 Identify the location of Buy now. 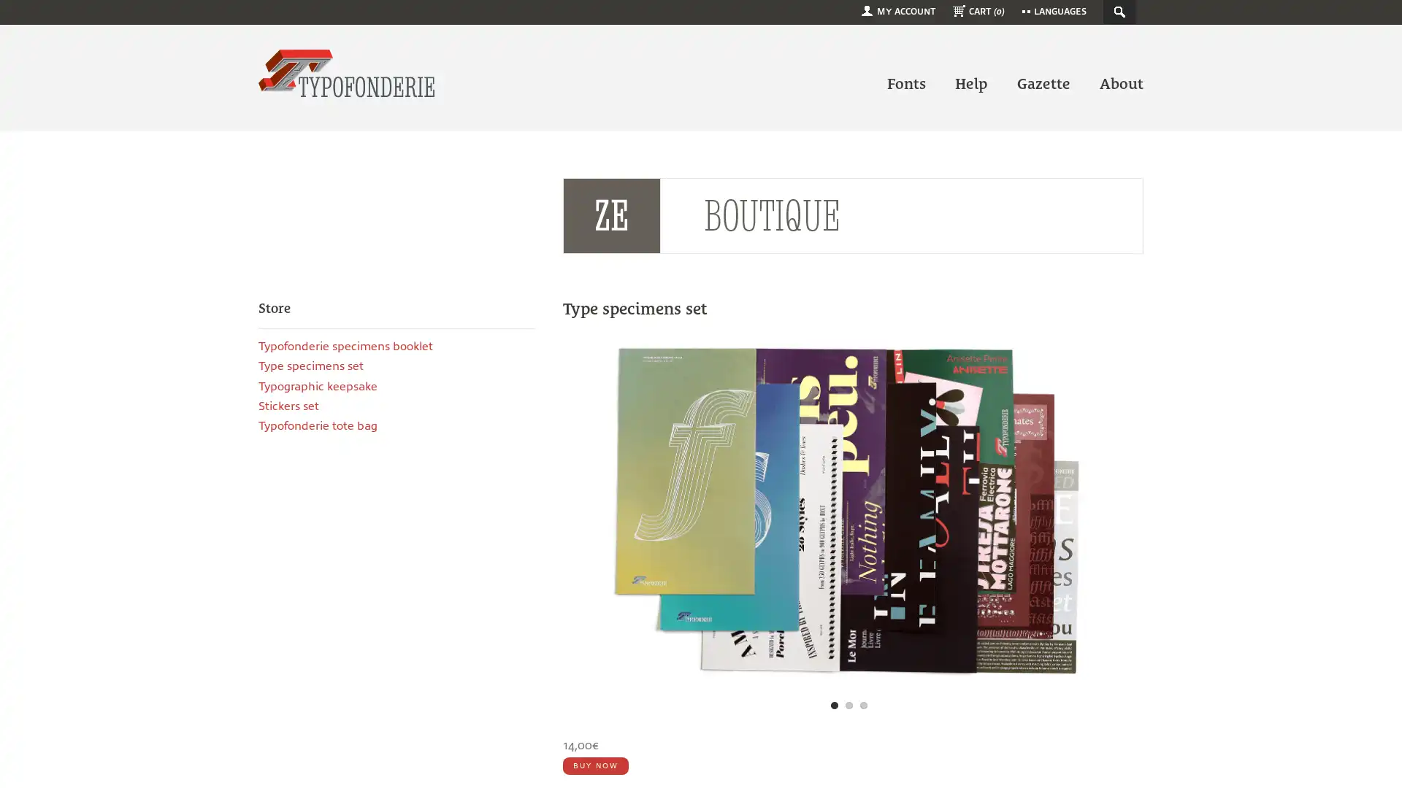
(595, 765).